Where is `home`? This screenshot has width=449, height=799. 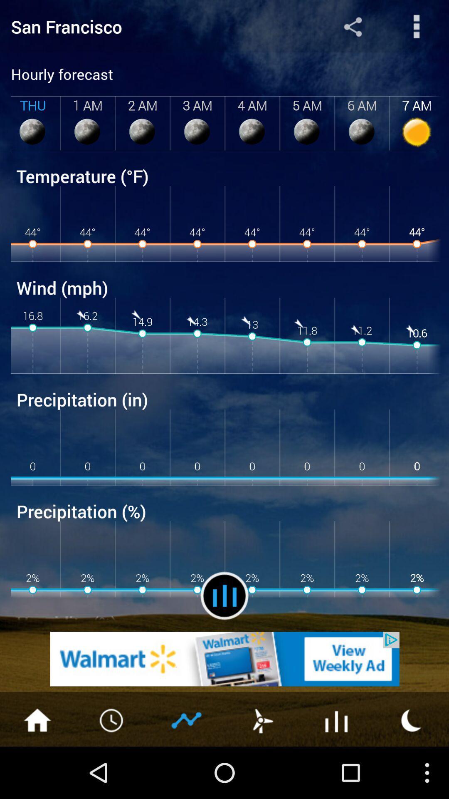 home is located at coordinates (37, 719).